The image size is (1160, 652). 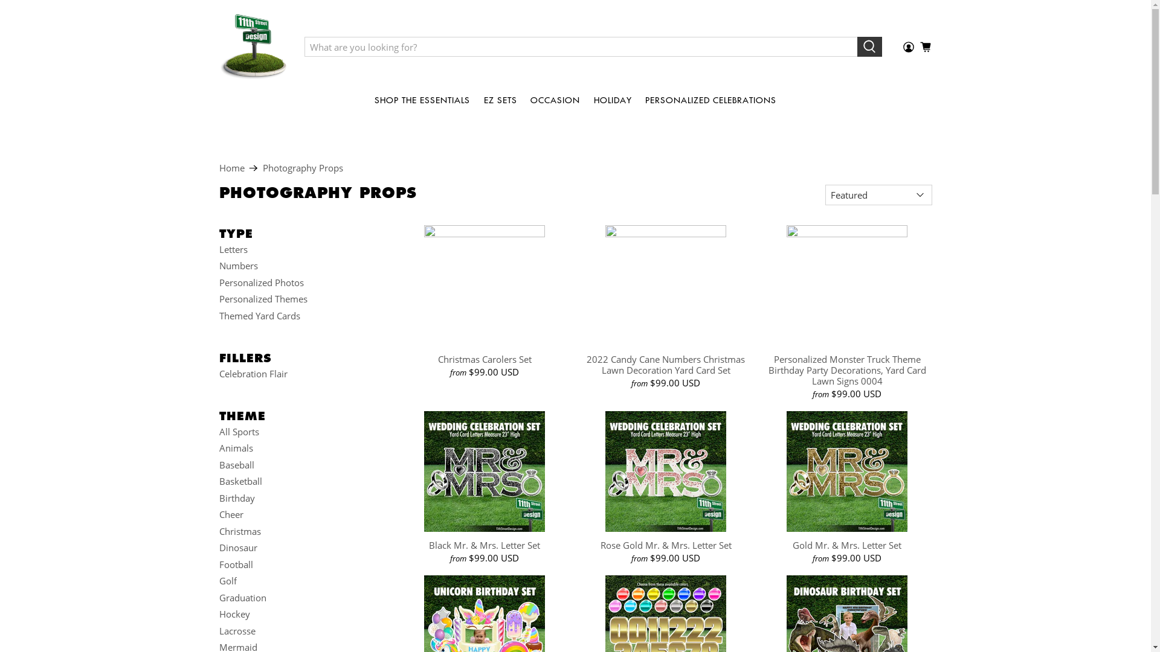 What do you see at coordinates (302, 168) in the screenshot?
I see `'Photography Props'` at bounding box center [302, 168].